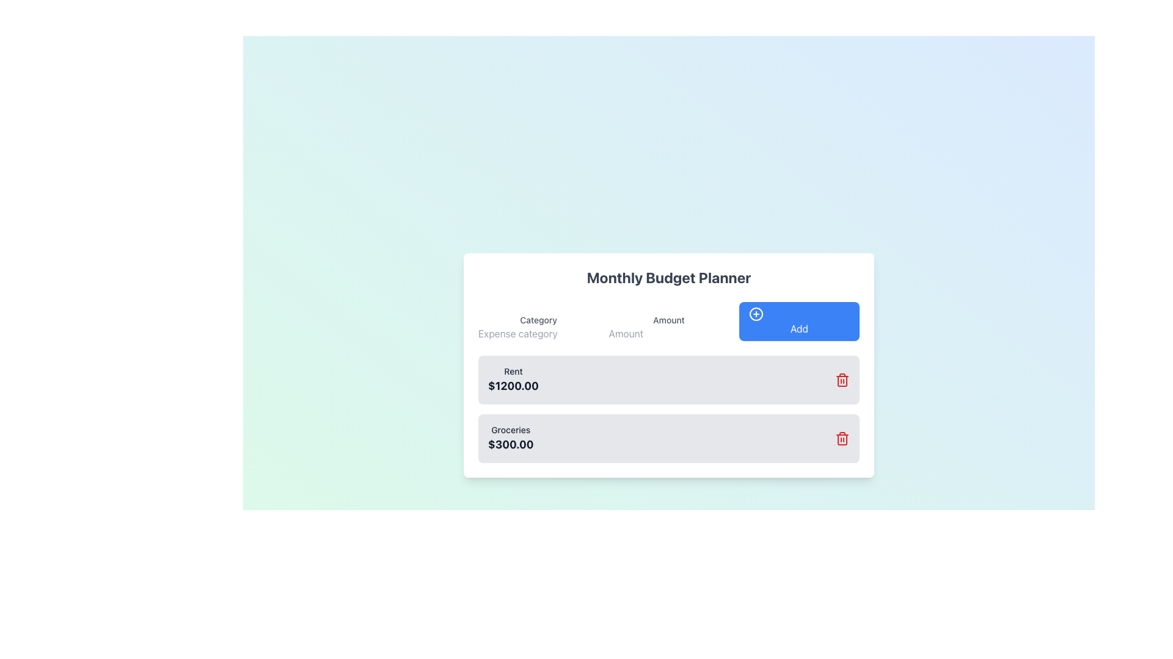 The image size is (1173, 659). Describe the element at coordinates (668, 380) in the screenshot. I see `the first item in the 'Monthly Budget Planner' list that displays an expense category and its value, positioned above 'Groceries $300.00'` at that location.